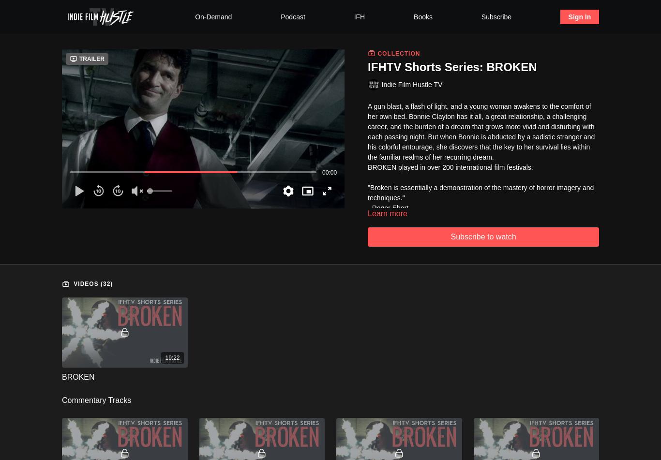 Image resolution: width=661 pixels, height=460 pixels. What do you see at coordinates (91, 59) in the screenshot?
I see `'Trailer'` at bounding box center [91, 59].